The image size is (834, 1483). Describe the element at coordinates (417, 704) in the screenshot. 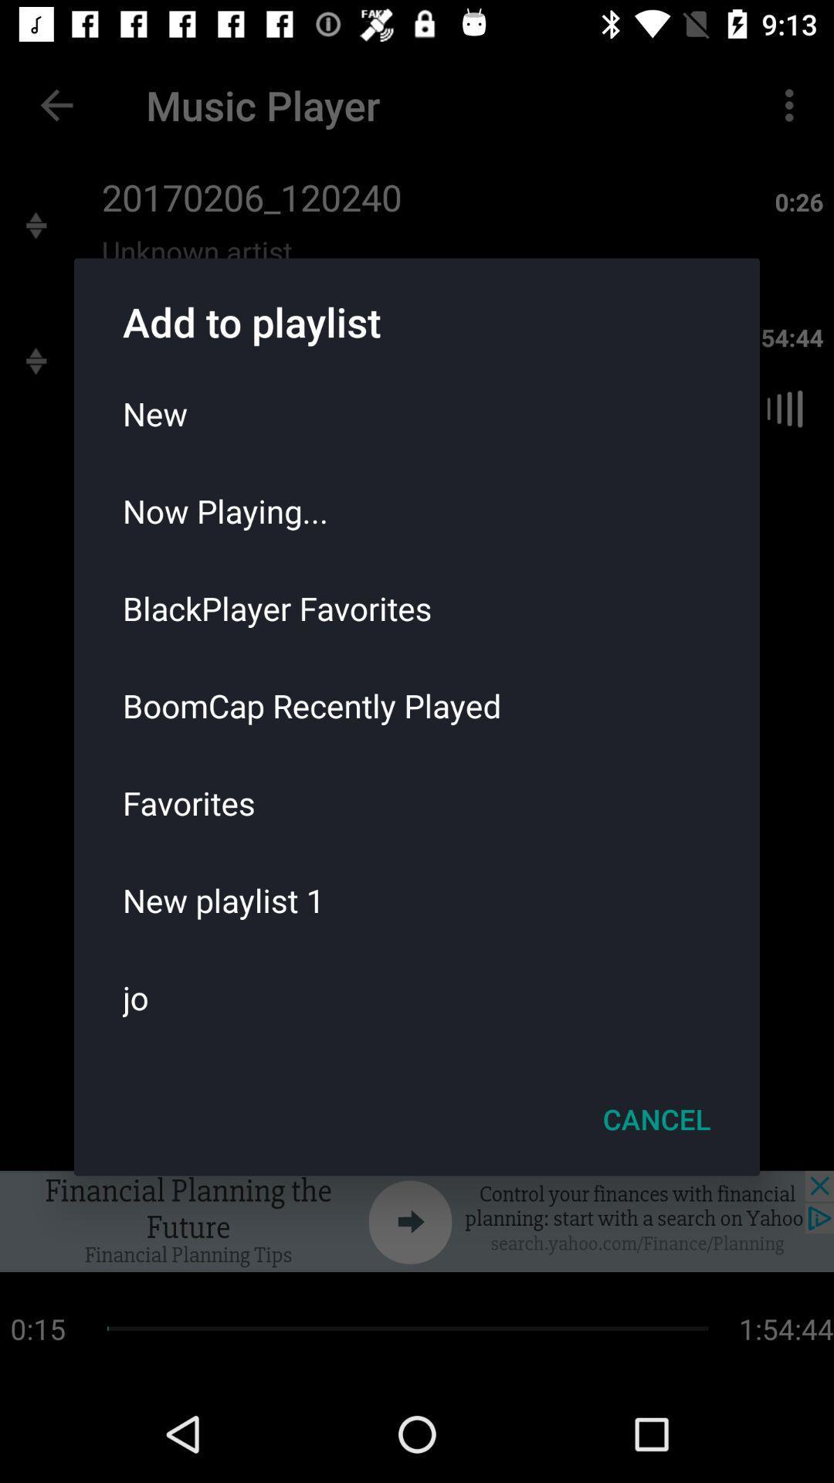

I see `the boomcap recently played icon` at that location.